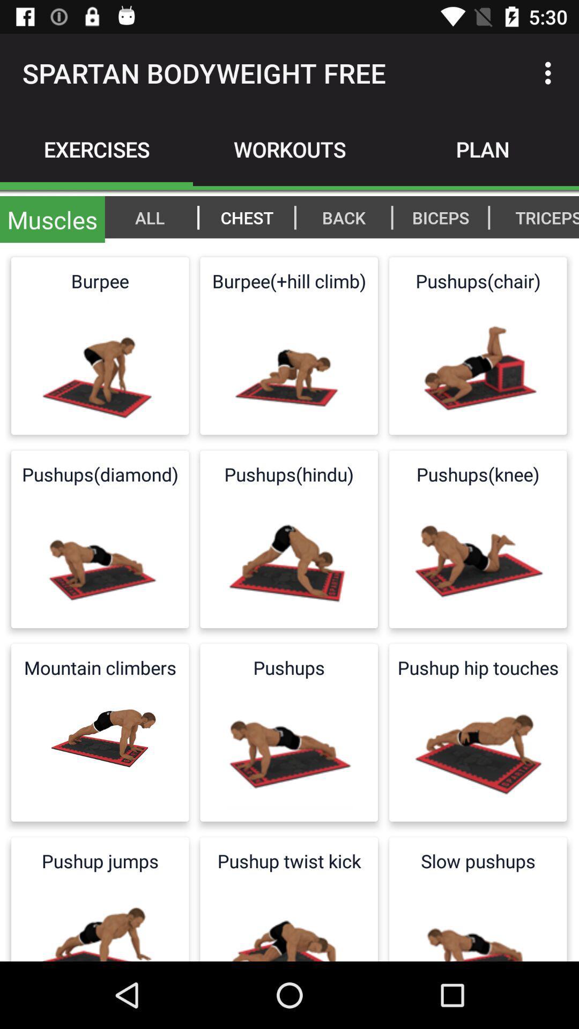  What do you see at coordinates (344, 217) in the screenshot?
I see `the back icon` at bounding box center [344, 217].